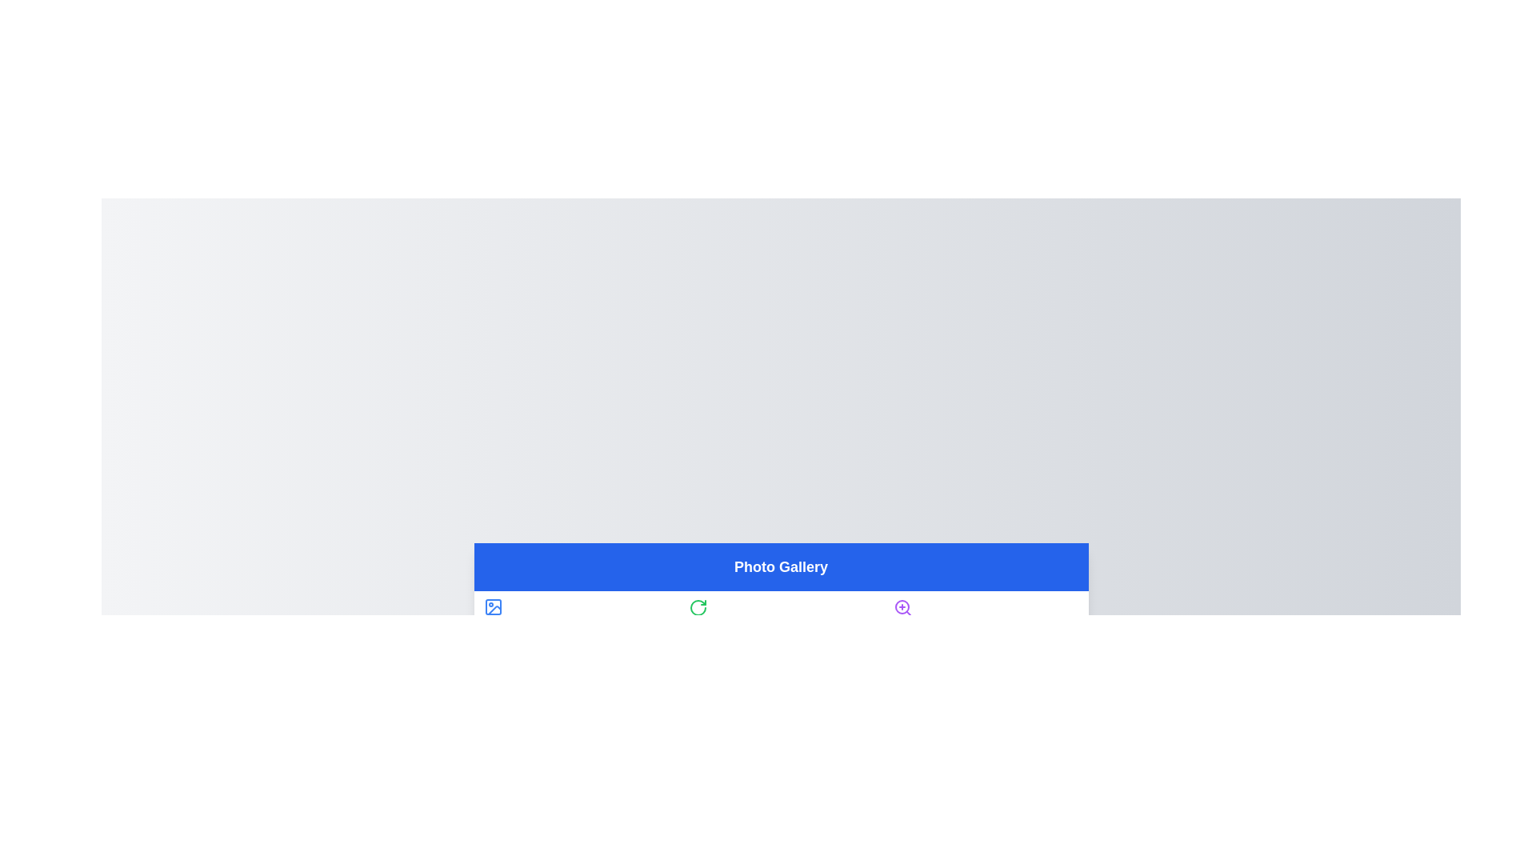  What do you see at coordinates (781, 616) in the screenshot?
I see `the tab labeled Editor` at bounding box center [781, 616].